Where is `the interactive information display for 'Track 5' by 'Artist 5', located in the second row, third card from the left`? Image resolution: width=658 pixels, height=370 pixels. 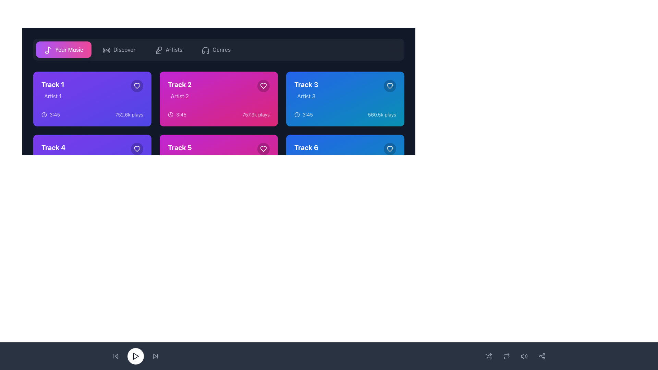
the interactive information display for 'Track 5' by 'Artist 5', located in the second row, third card from the left is located at coordinates (218, 153).